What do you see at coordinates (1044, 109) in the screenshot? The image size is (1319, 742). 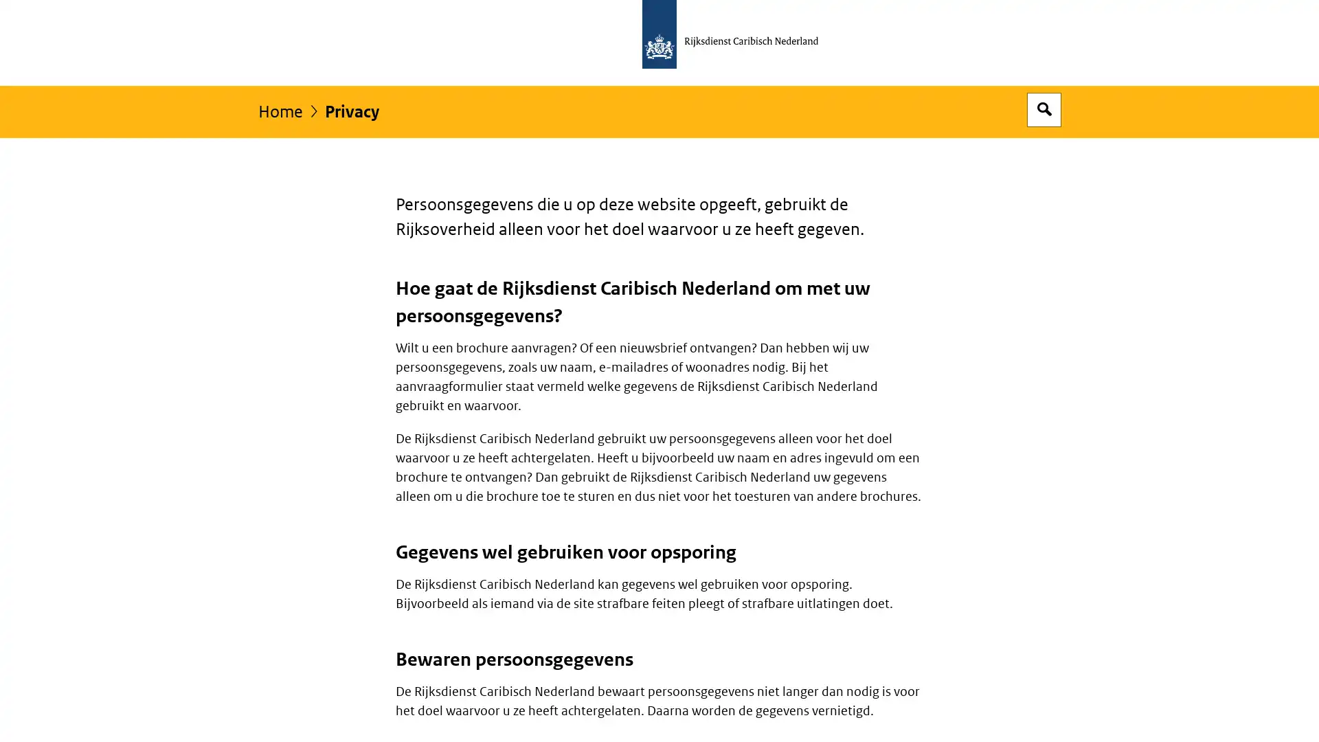 I see `Open zoekveld` at bounding box center [1044, 109].